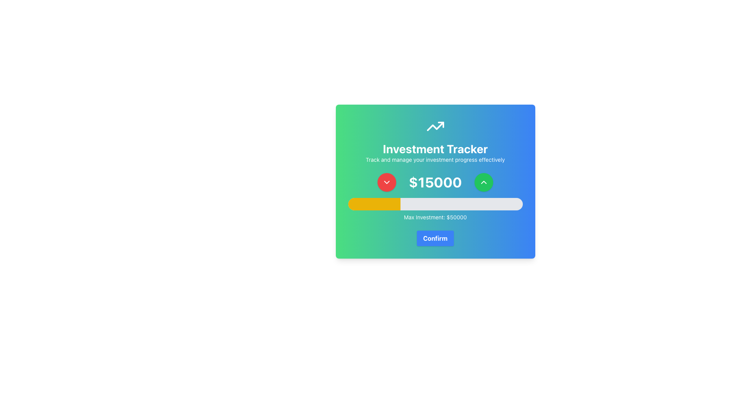 The width and height of the screenshot is (748, 420). Describe the element at coordinates (435, 238) in the screenshot. I see `the confirmation button located at the bottom of the 'Investment Tracker' modal to finalize the selection` at that location.